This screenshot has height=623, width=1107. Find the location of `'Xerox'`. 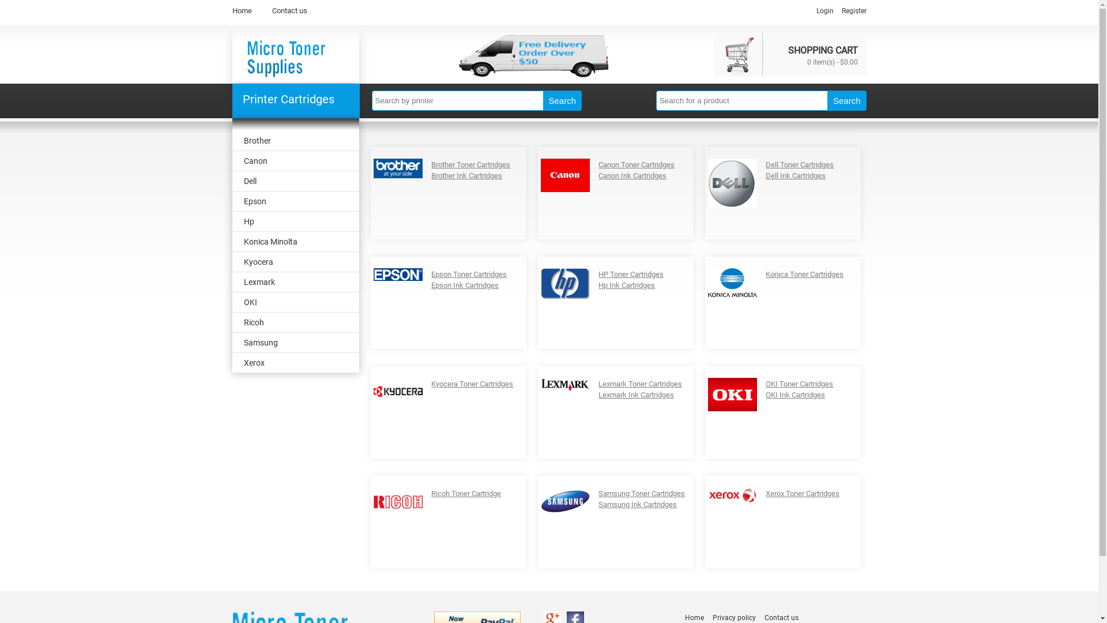

'Xerox' is located at coordinates (295, 362).